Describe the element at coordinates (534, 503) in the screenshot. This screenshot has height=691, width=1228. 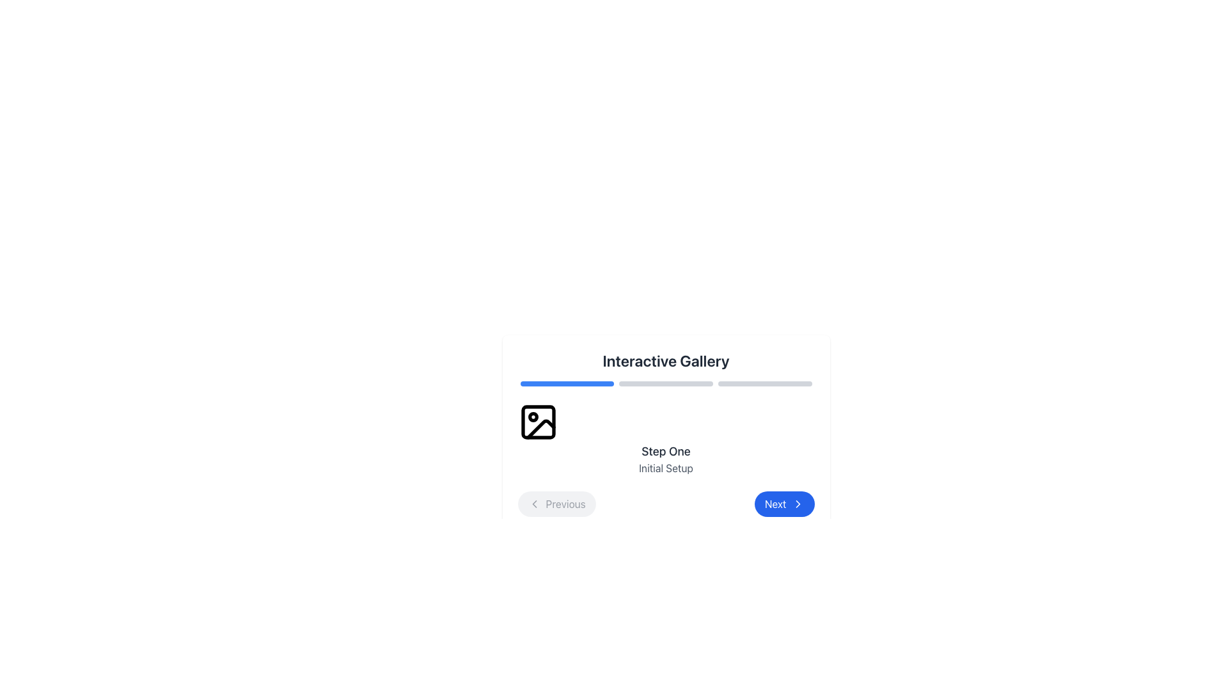
I see `the 'Previous' button by clicking the chevron icon that indicates backward navigation, located at the bottom left of the interactive content module` at that location.